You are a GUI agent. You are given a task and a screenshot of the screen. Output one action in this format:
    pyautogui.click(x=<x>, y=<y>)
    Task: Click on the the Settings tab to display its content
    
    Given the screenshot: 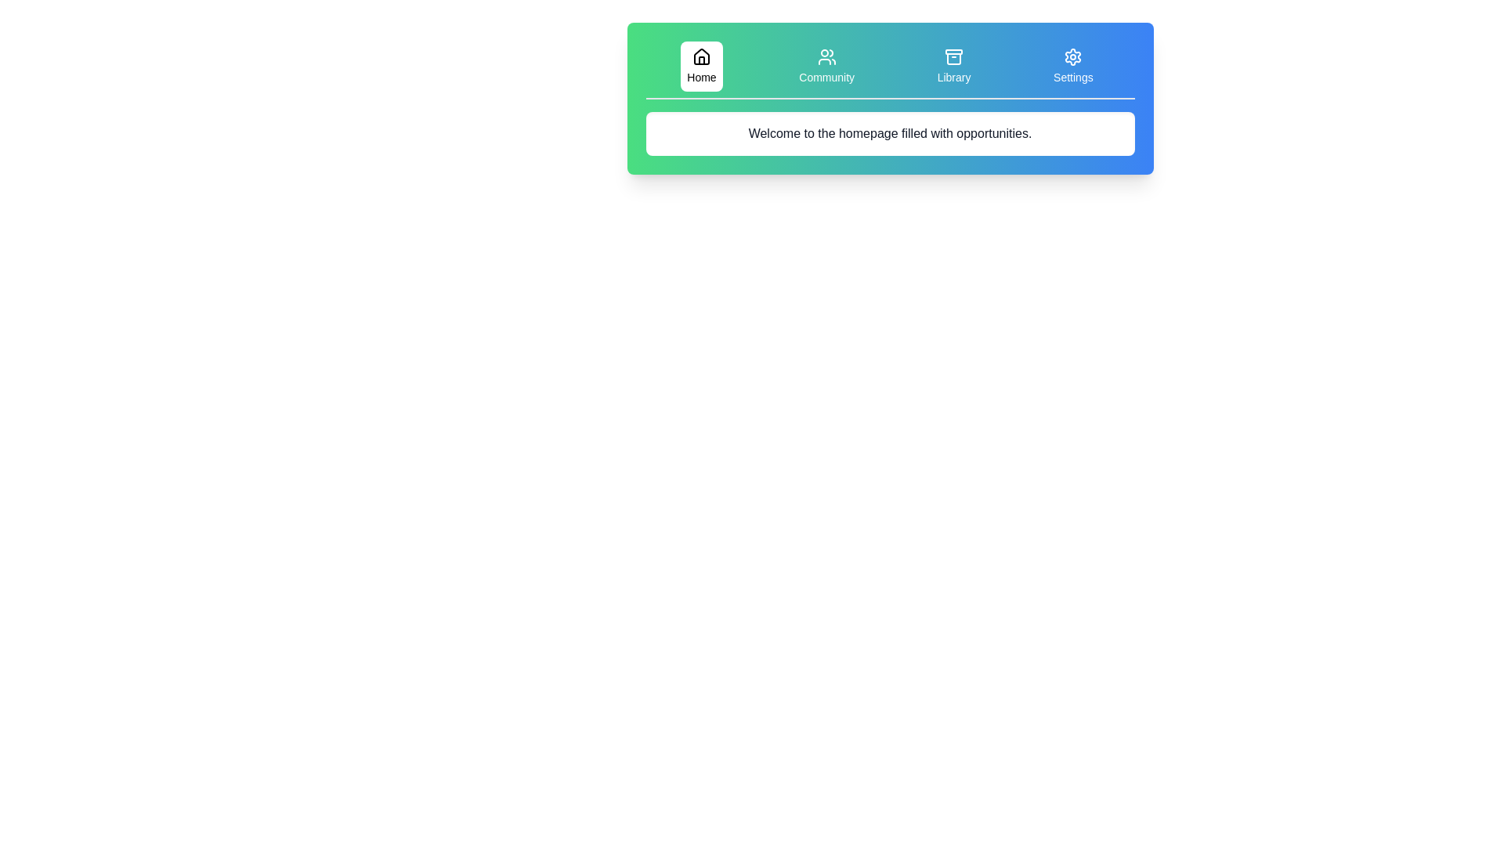 What is the action you would take?
    pyautogui.click(x=1072, y=65)
    